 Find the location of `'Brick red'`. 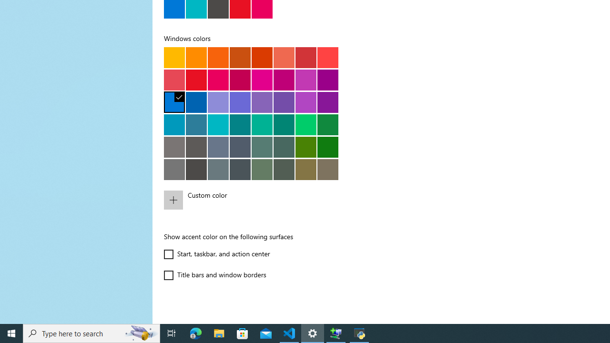

'Brick red' is located at coordinates (305, 57).